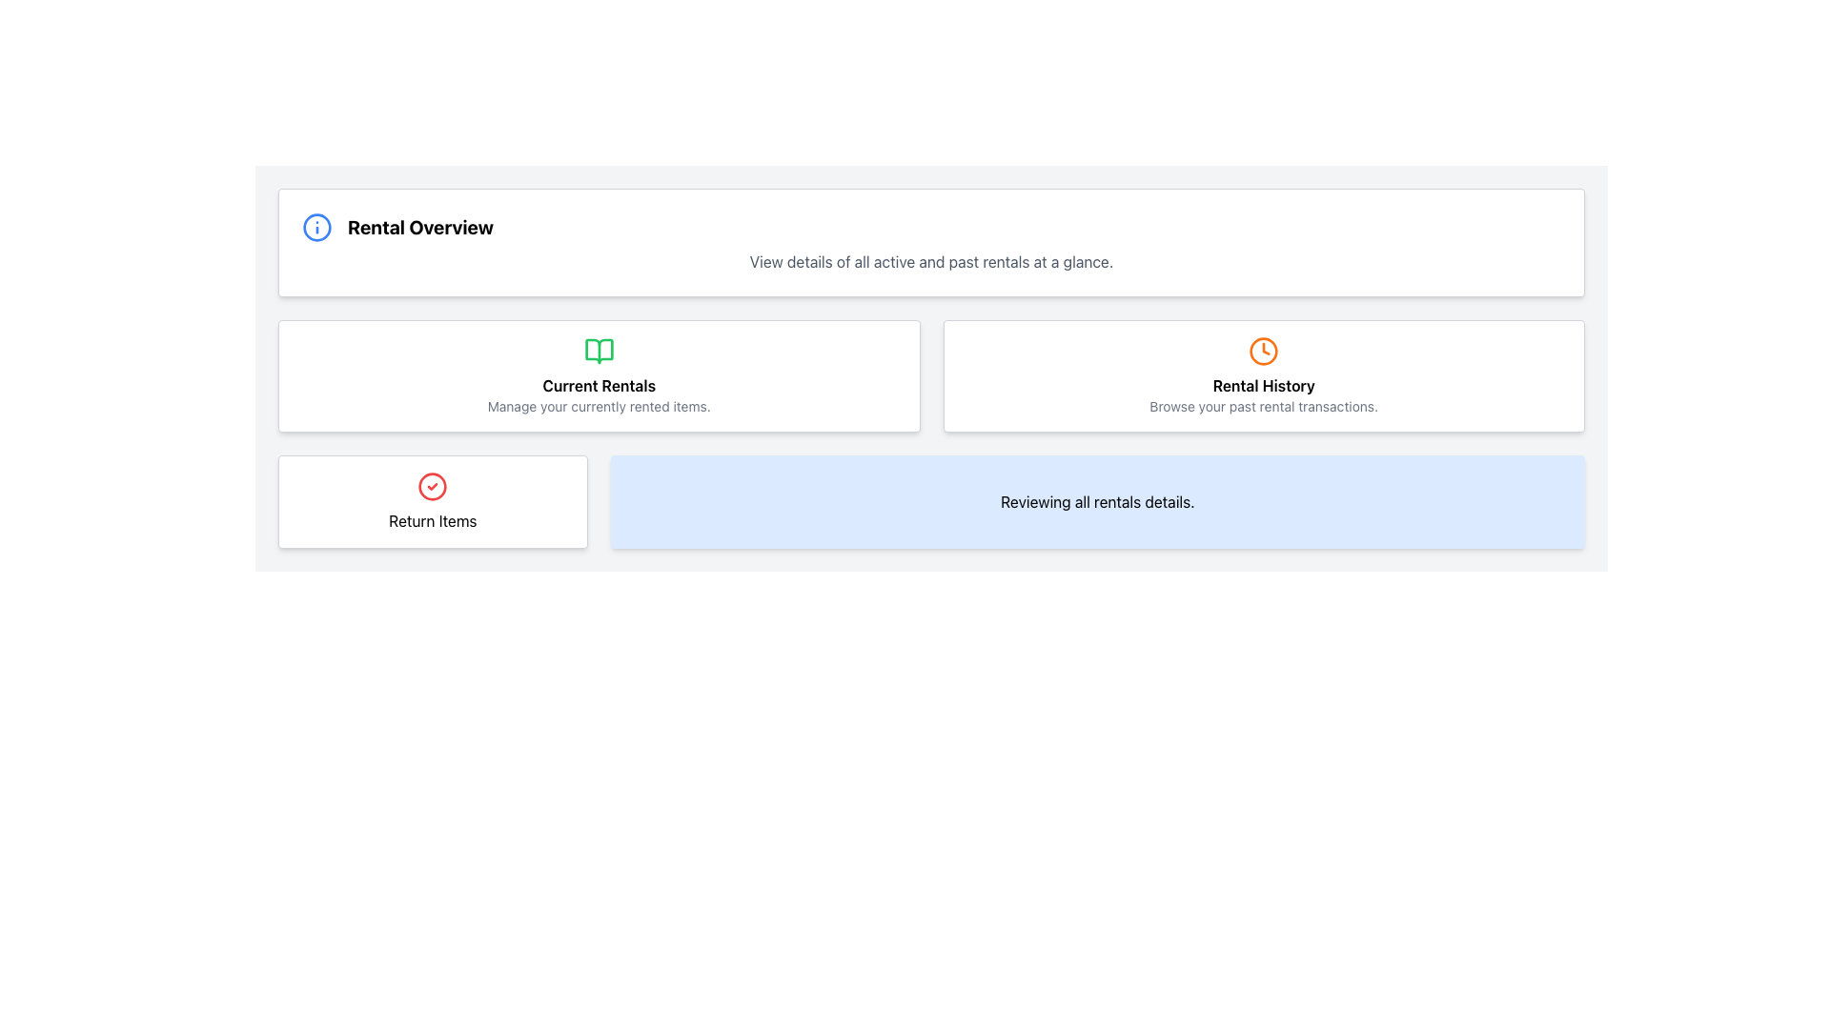 The height and width of the screenshot is (1029, 1830). I want to click on text label that displays 'Rental Overview', which is bold and prominently positioned in the top section of the layout, next to a blue circular icon with an 'i', so click(419, 227).